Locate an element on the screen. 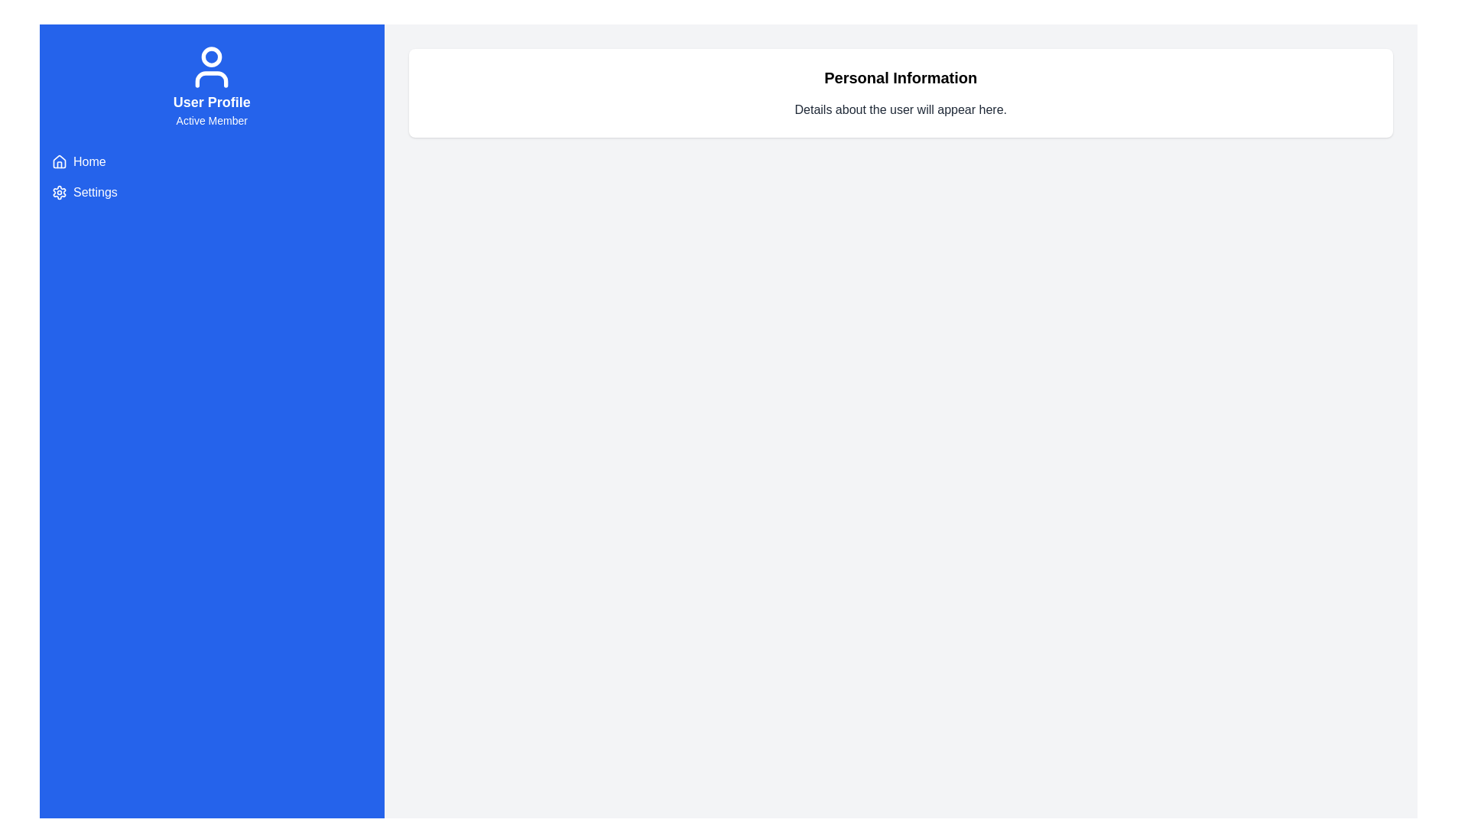 This screenshot has width=1468, height=826. the hyperlink located in the sidebar beneath the 'Home' link is located at coordinates (94, 191).